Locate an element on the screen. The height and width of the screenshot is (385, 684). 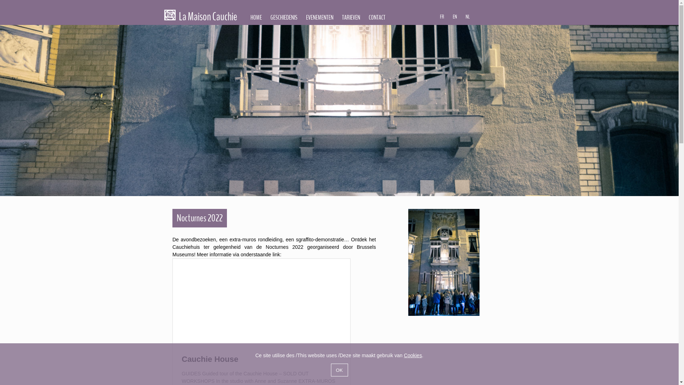
'TARIEVEN' is located at coordinates (351, 17).